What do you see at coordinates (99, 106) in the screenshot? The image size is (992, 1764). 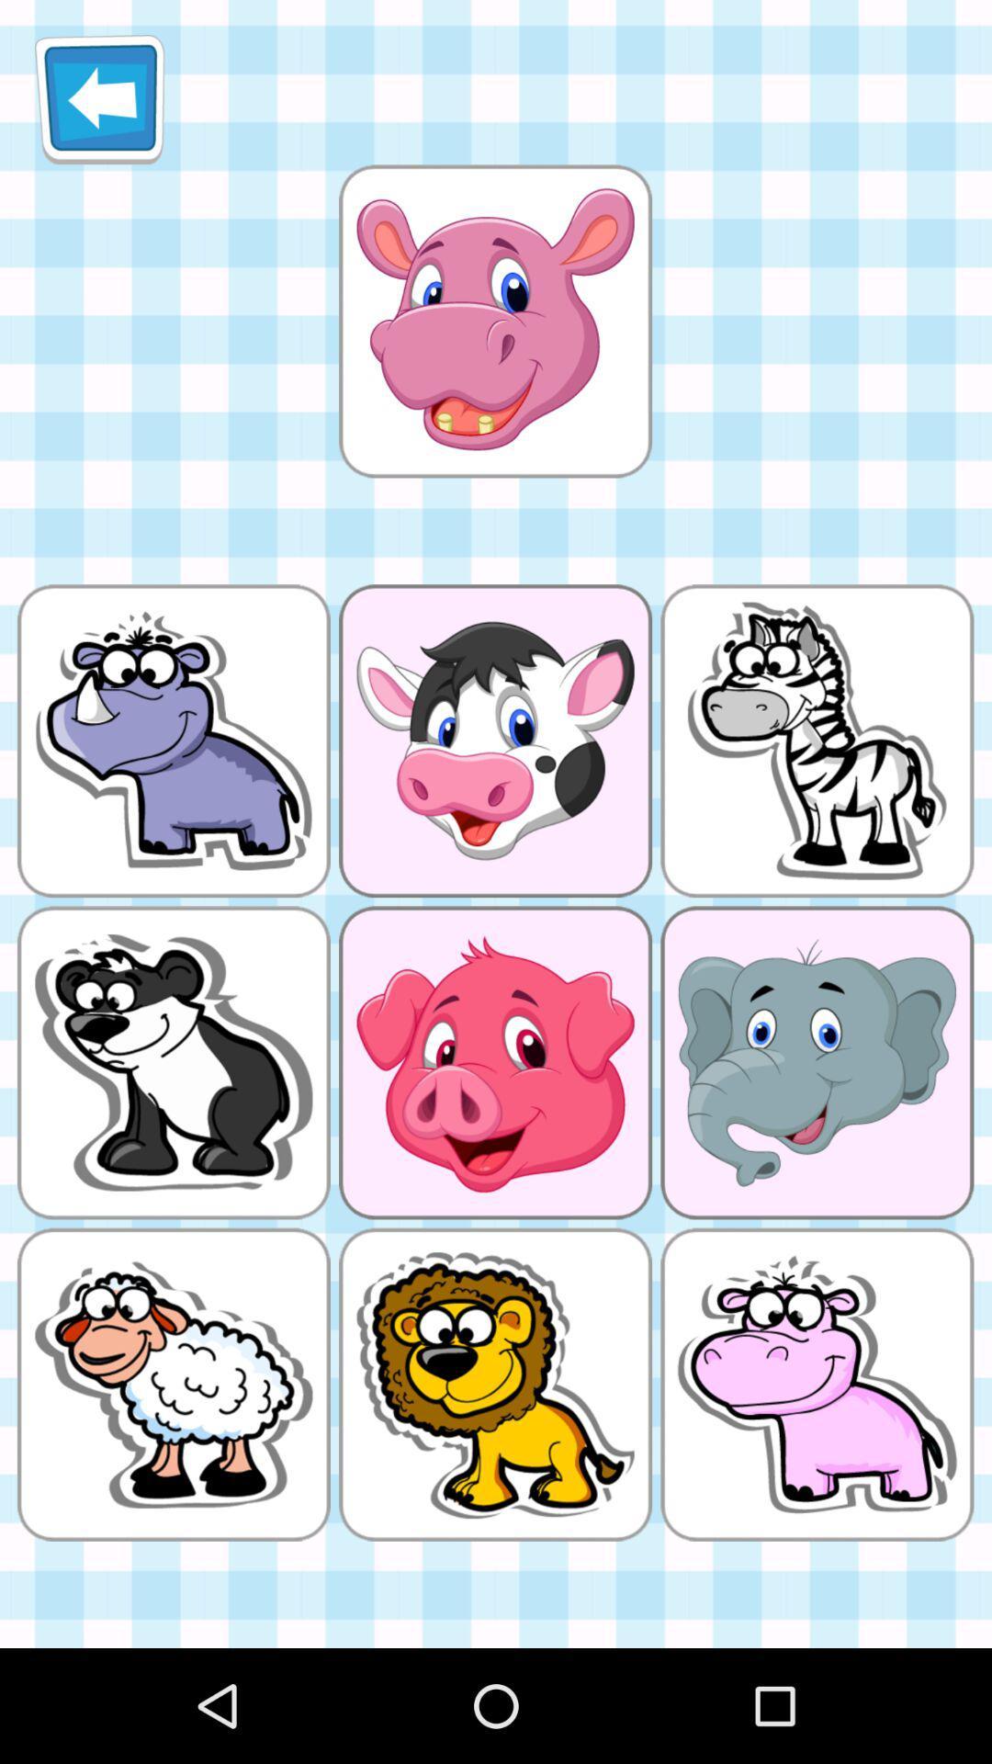 I see `the arrow_backward icon` at bounding box center [99, 106].